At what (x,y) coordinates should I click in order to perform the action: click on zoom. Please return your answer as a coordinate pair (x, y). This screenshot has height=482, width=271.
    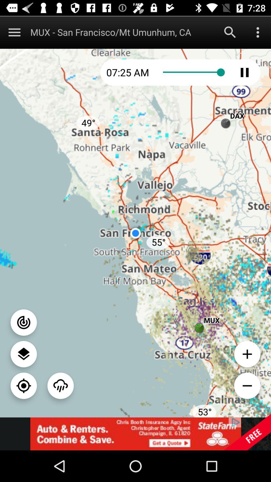
    Looking at the image, I should click on (247, 385).